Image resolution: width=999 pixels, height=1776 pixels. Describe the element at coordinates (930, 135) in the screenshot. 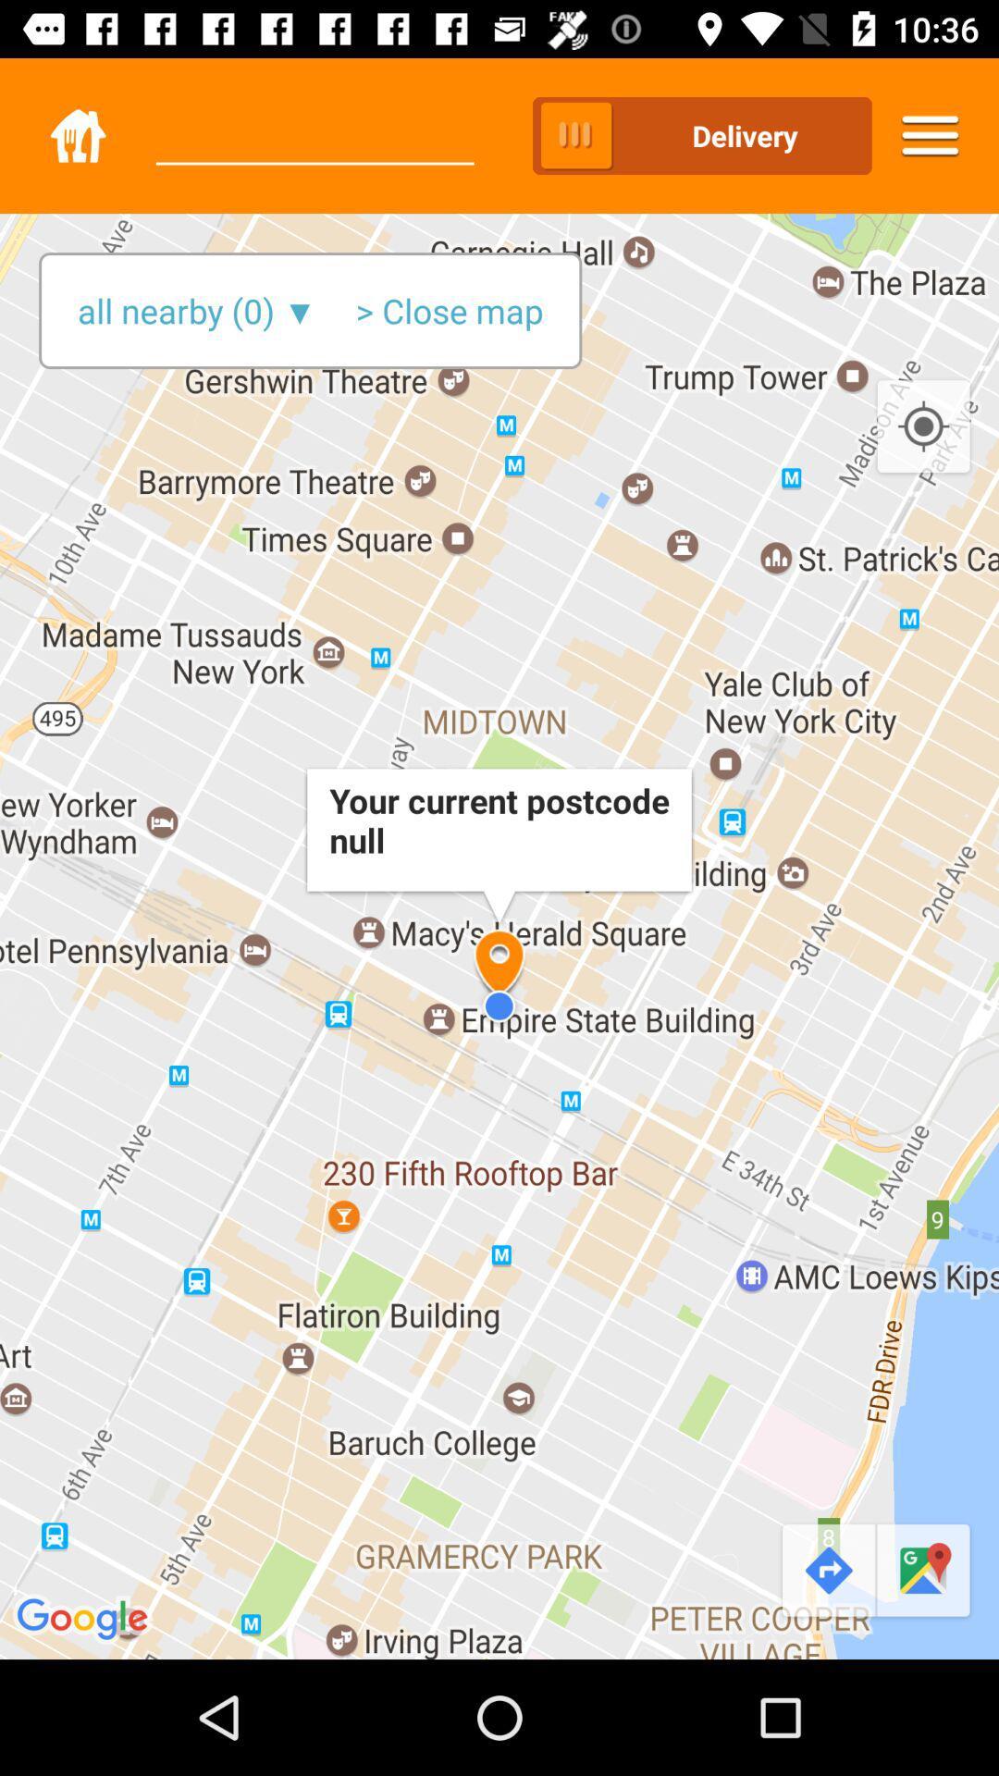

I see `the menu icon` at that location.